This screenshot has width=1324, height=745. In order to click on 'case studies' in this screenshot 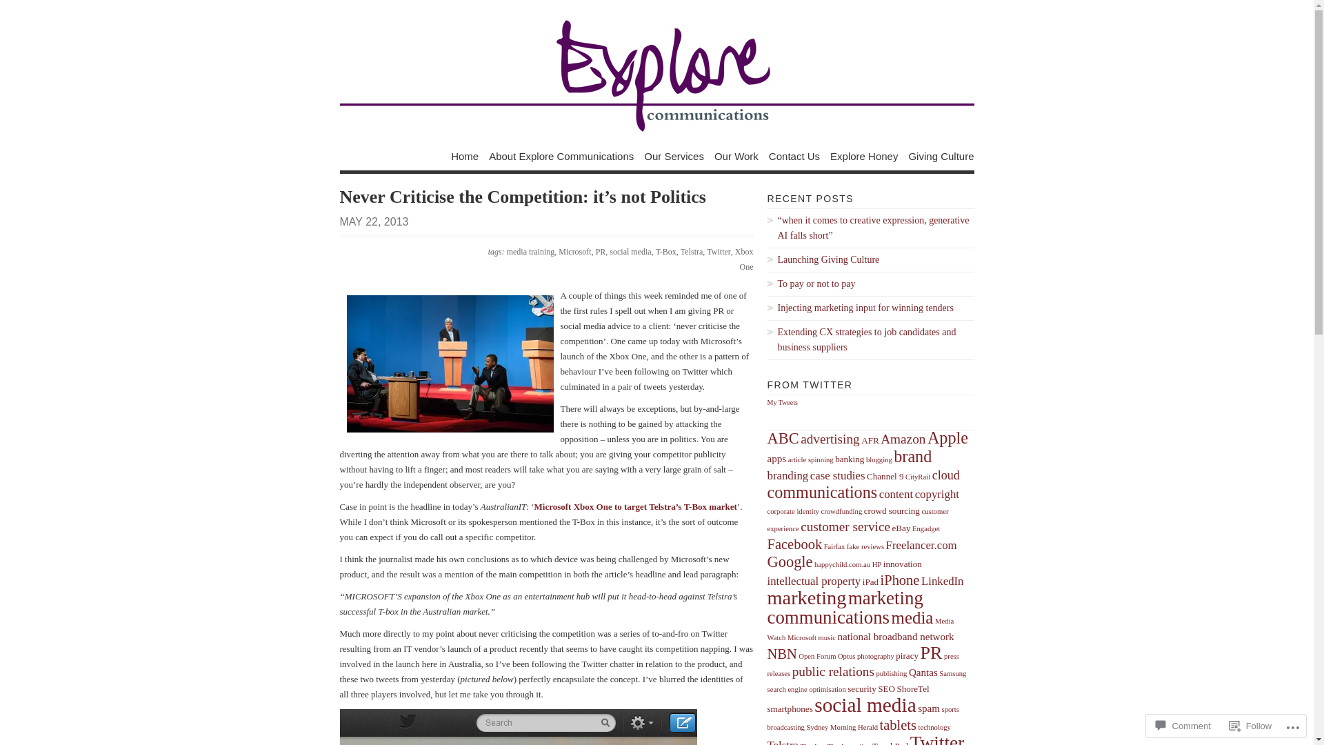, I will do `click(836, 475)`.